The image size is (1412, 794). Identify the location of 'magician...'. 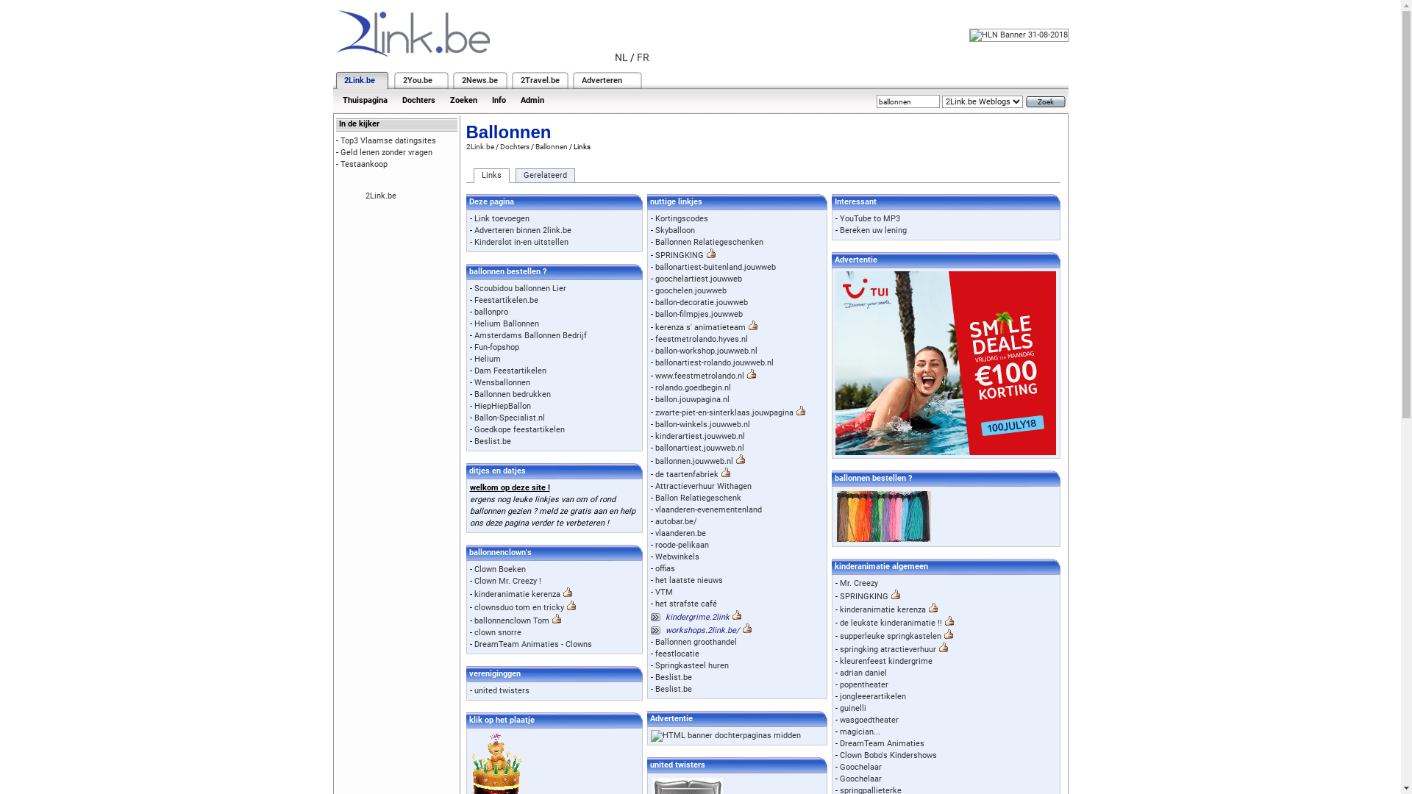
(860, 732).